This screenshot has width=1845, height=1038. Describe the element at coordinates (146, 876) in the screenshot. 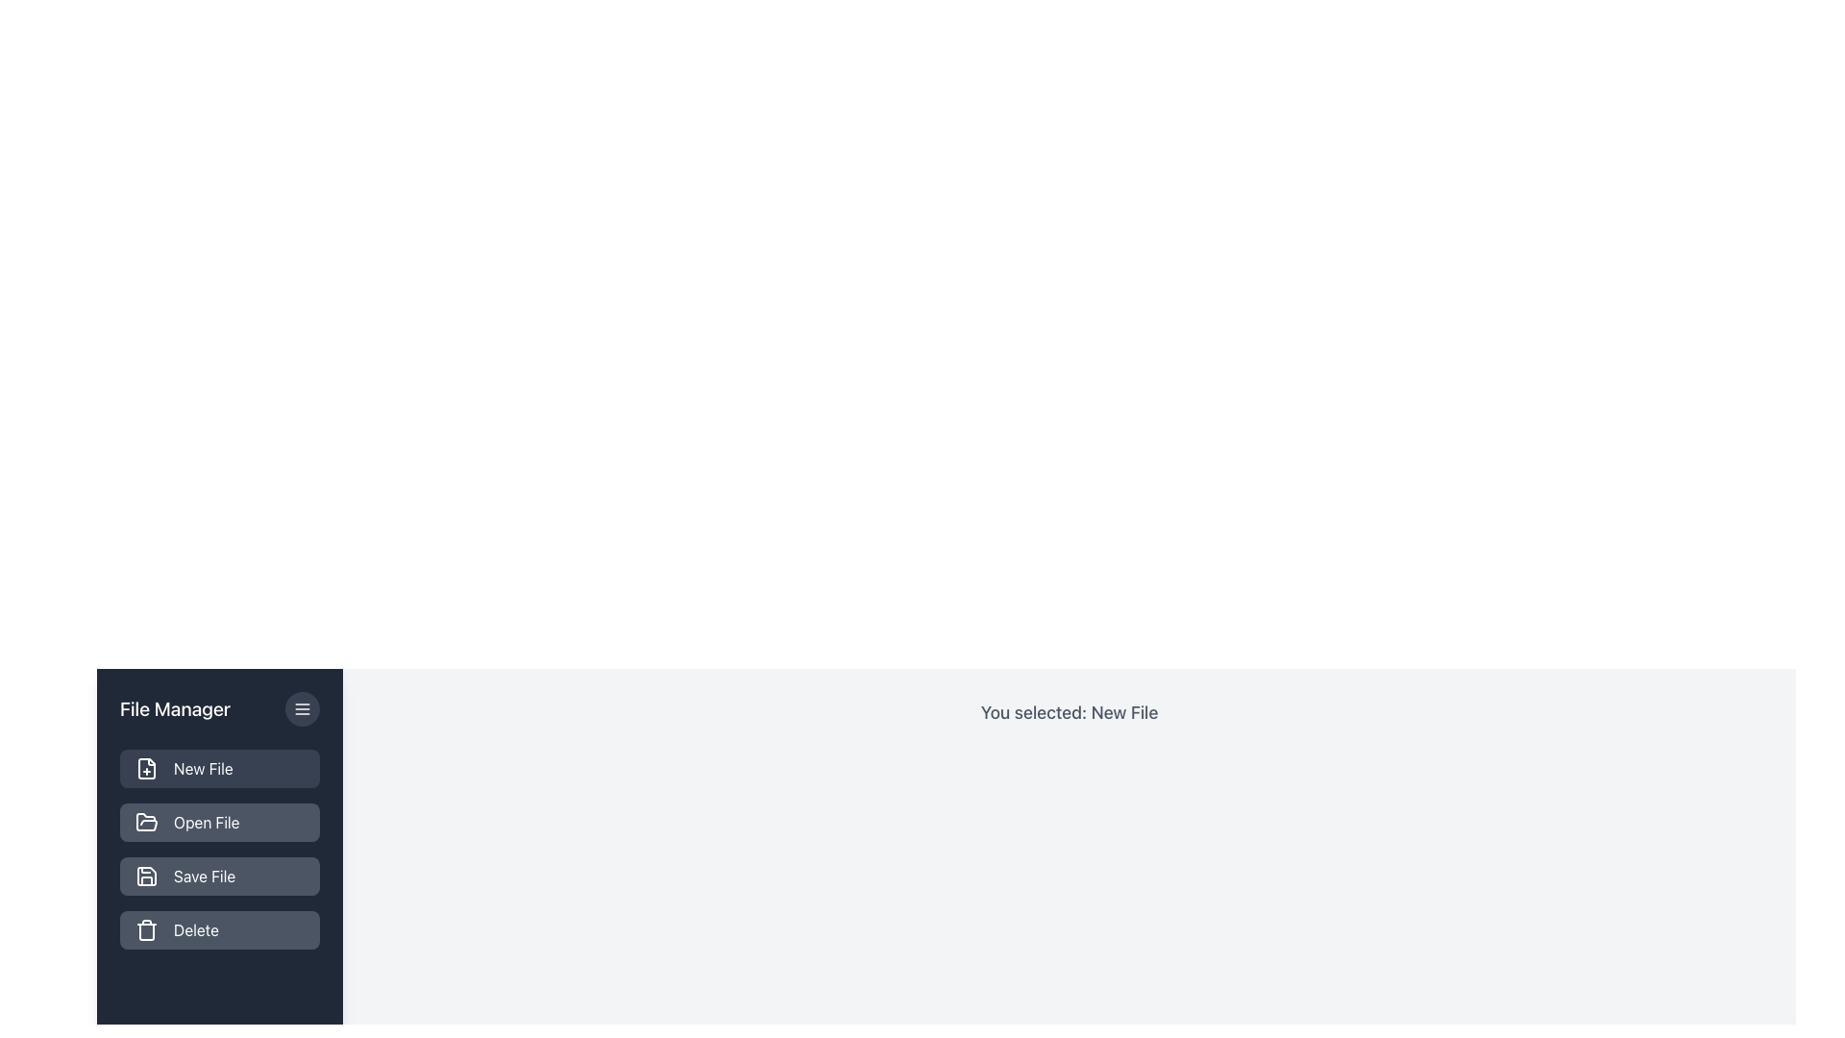

I see `the save icon located within the 'Save File' menu item in the 'File Manager' section of the left sidebar` at that location.